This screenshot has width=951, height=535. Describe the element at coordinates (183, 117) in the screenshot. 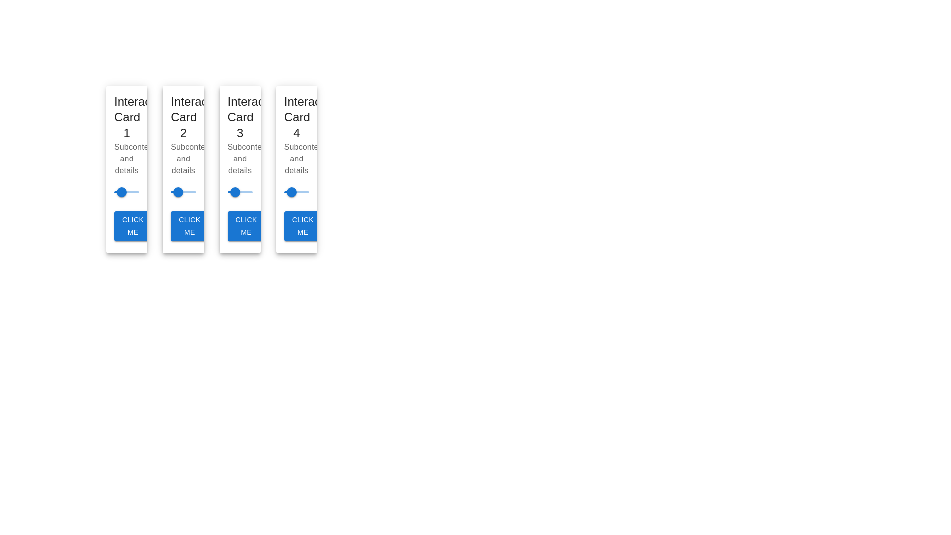

I see `the text label displaying 'Interactive Card 2', which is the main heading of the second card in a horizontal list of cards` at that location.